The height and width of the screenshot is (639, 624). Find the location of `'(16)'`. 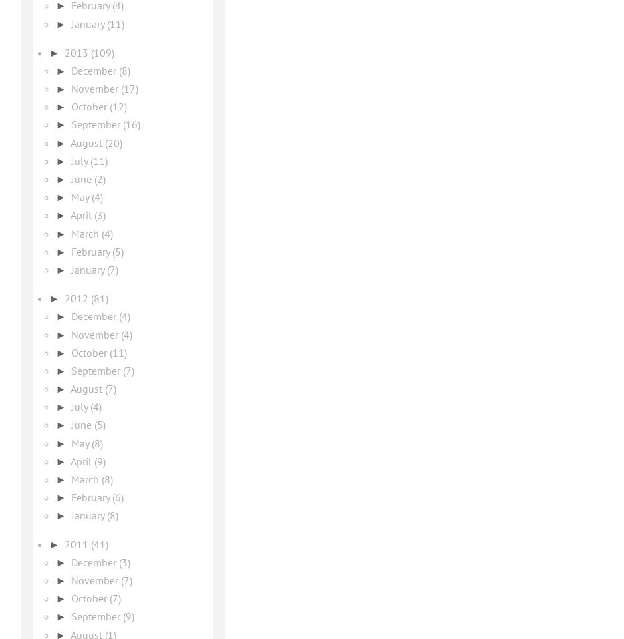

'(16)' is located at coordinates (131, 124).